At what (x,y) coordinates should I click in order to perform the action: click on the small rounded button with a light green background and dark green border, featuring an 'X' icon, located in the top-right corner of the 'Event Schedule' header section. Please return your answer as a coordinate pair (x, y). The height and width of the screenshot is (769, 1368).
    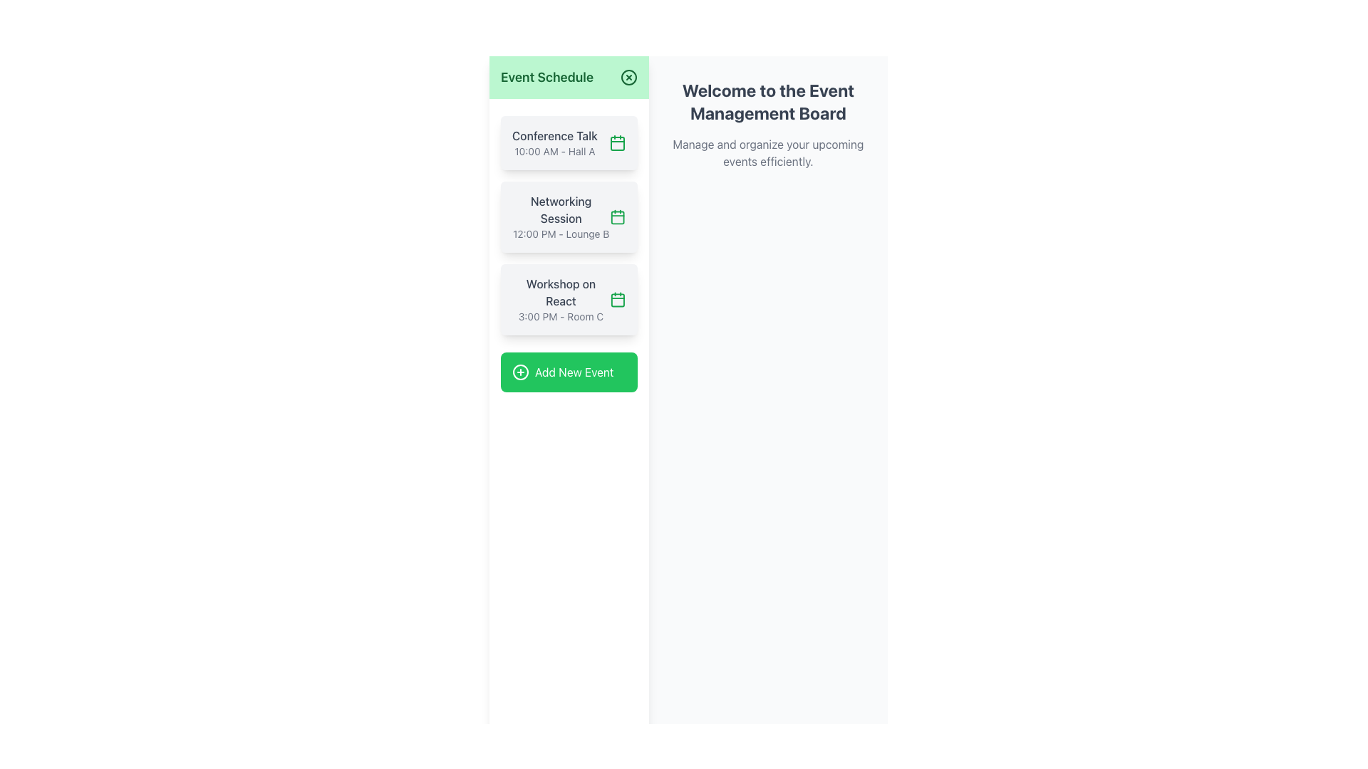
    Looking at the image, I should click on (628, 77).